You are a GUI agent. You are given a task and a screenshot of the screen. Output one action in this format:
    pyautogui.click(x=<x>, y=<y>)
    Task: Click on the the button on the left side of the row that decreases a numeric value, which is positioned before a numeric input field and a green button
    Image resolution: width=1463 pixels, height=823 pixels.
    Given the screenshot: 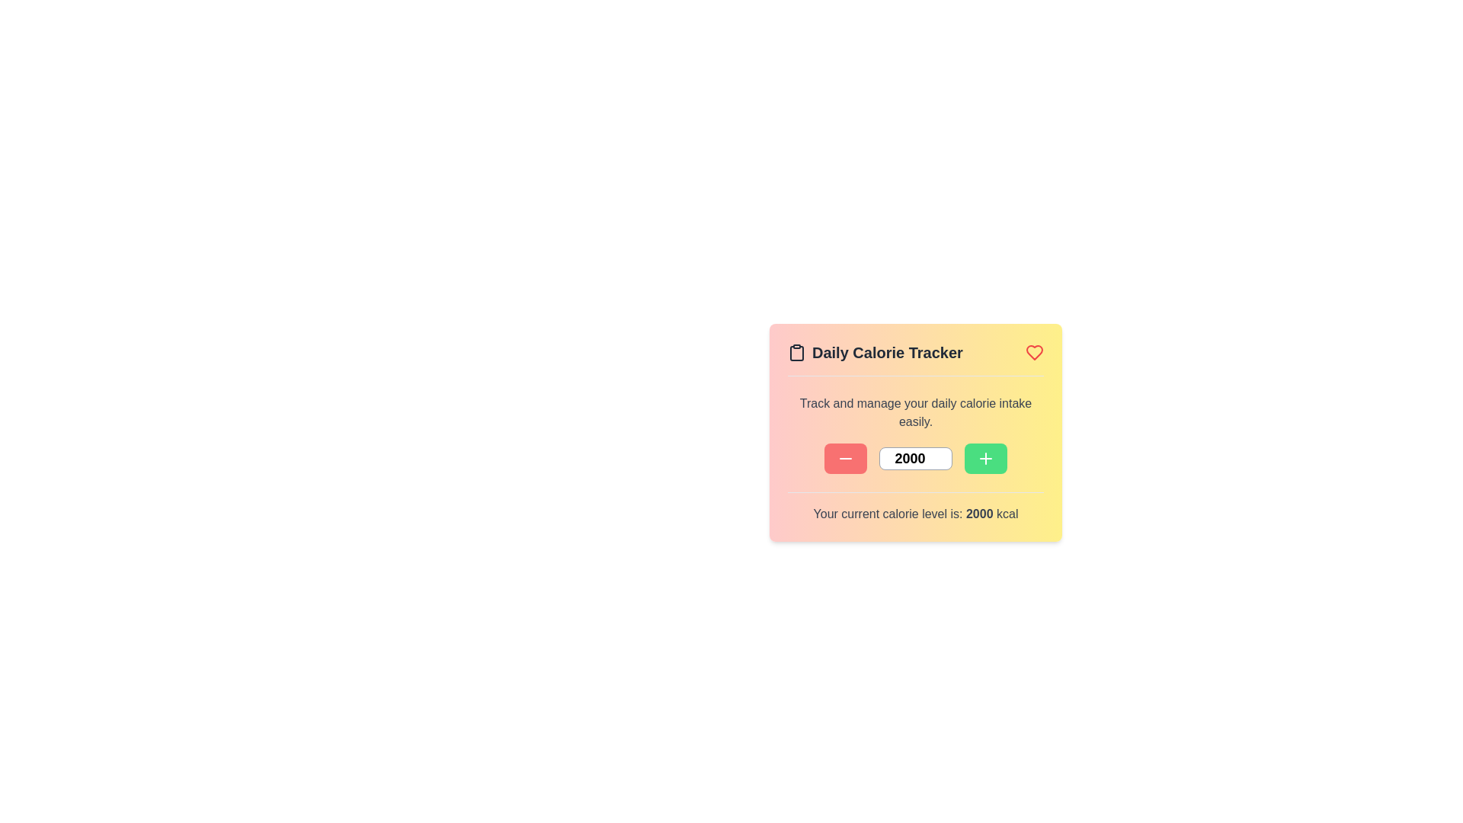 What is the action you would take?
    pyautogui.click(x=844, y=457)
    